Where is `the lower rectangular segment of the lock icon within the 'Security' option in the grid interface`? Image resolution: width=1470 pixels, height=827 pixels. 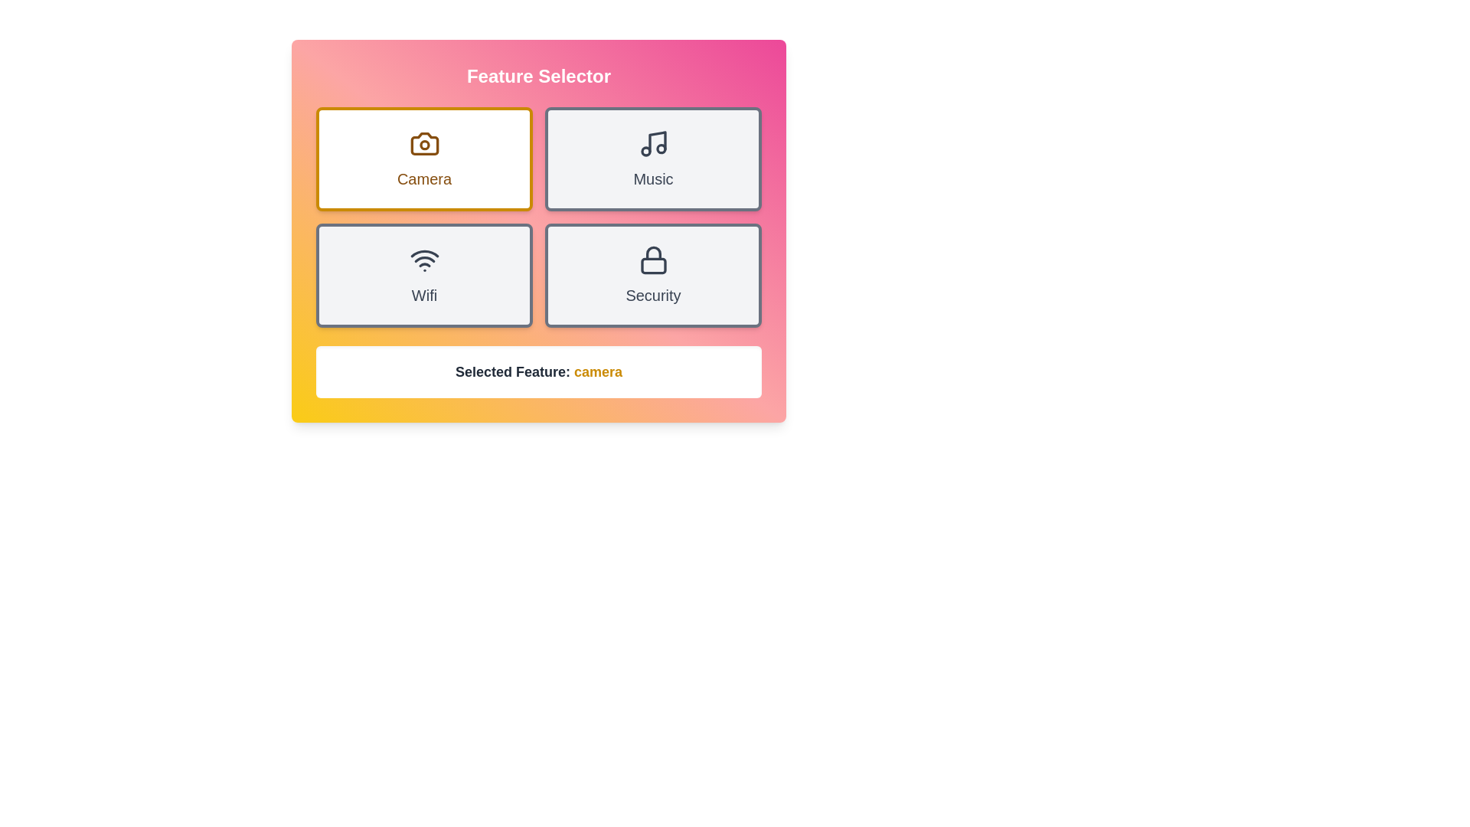 the lower rectangular segment of the lock icon within the 'Security' option in the grid interface is located at coordinates (653, 265).